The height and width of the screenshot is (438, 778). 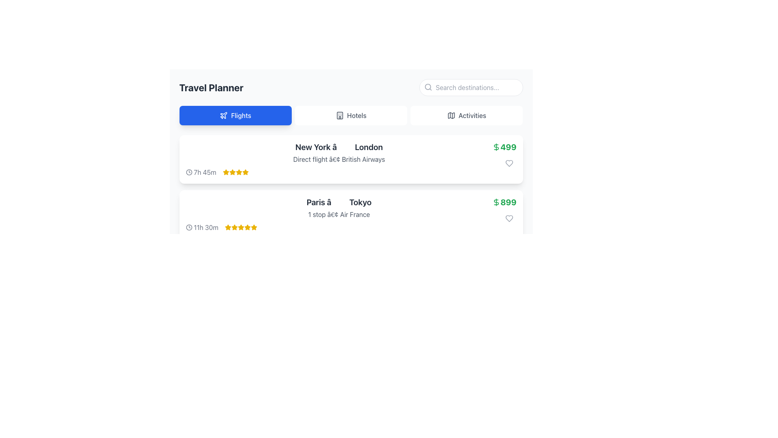 I want to click on the fourth star icon in the rating display for the flight from New York to London, so click(x=238, y=172).